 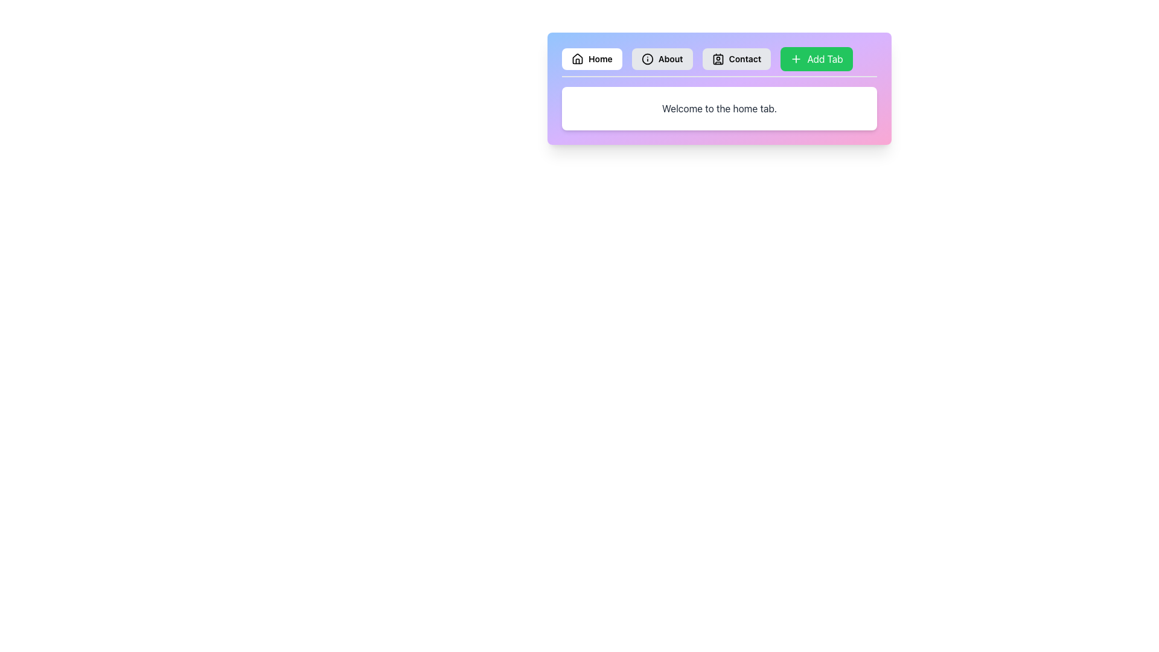 What do you see at coordinates (662, 59) in the screenshot?
I see `the 'About' button with an information symbol` at bounding box center [662, 59].